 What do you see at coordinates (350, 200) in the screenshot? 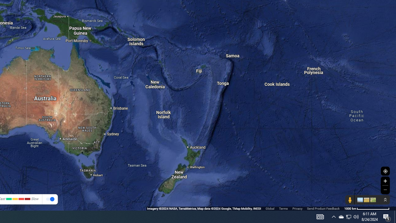
I see `'Show Street View coverage'` at bounding box center [350, 200].